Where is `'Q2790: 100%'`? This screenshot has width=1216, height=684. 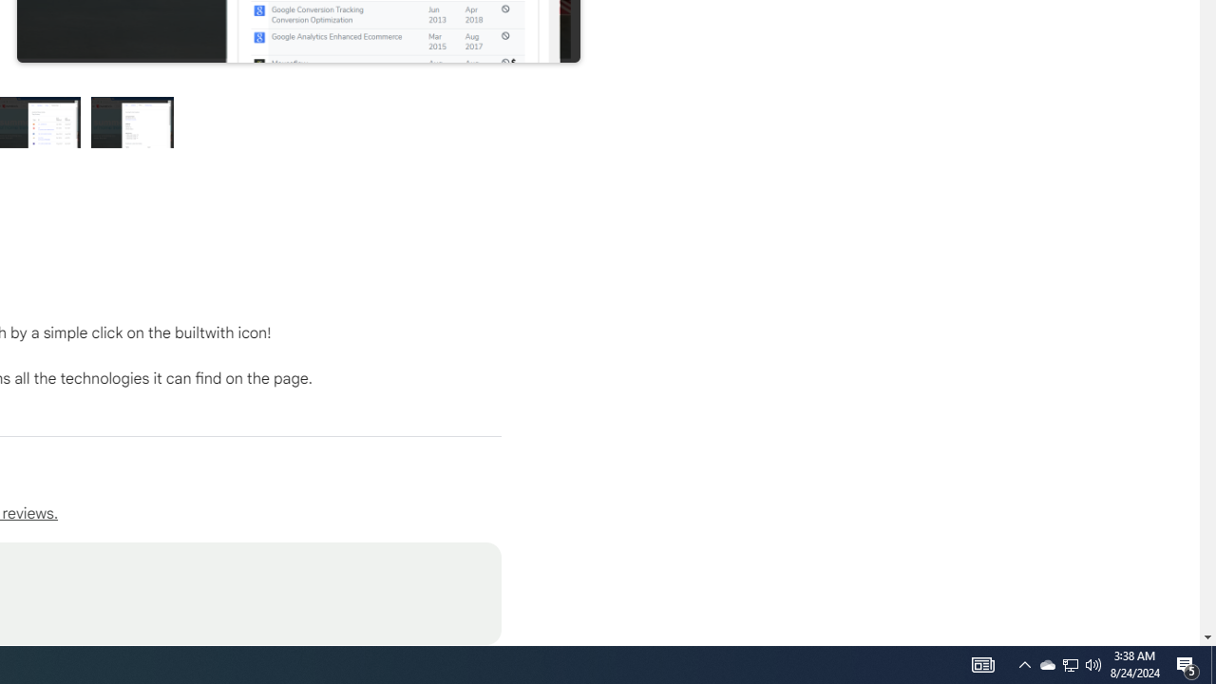 'Q2790: 100%' is located at coordinates (1071, 663).